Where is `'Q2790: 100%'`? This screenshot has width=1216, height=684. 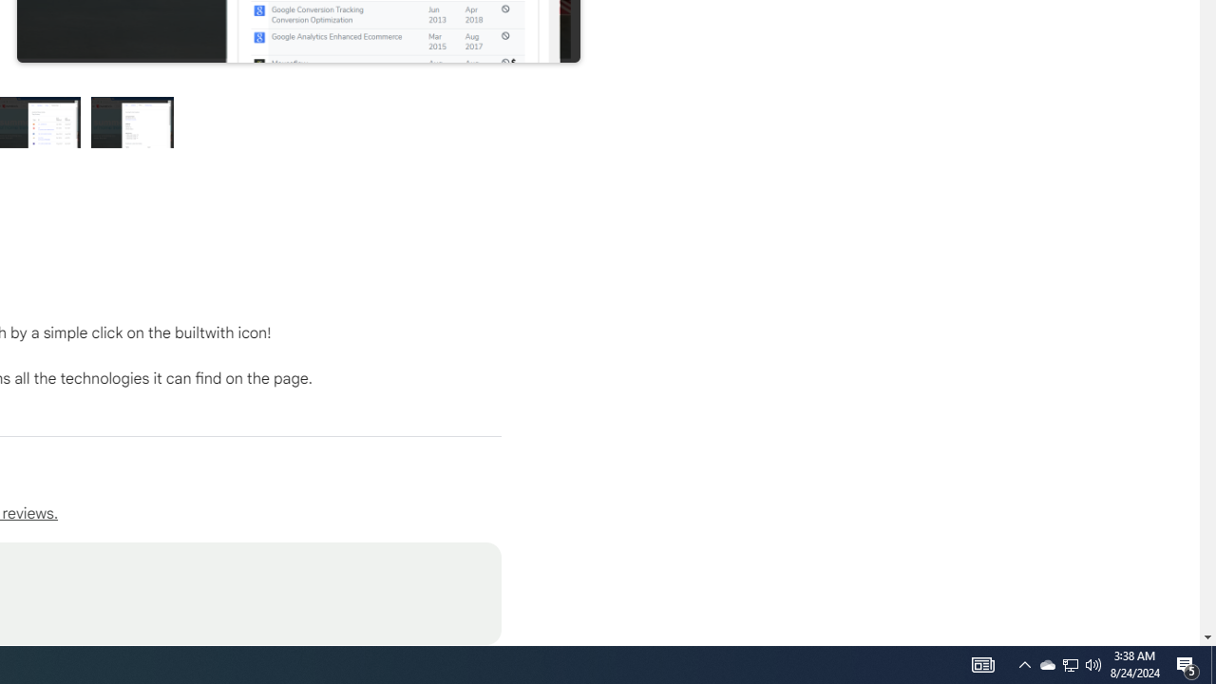 'Q2790: 100%' is located at coordinates (1071, 663).